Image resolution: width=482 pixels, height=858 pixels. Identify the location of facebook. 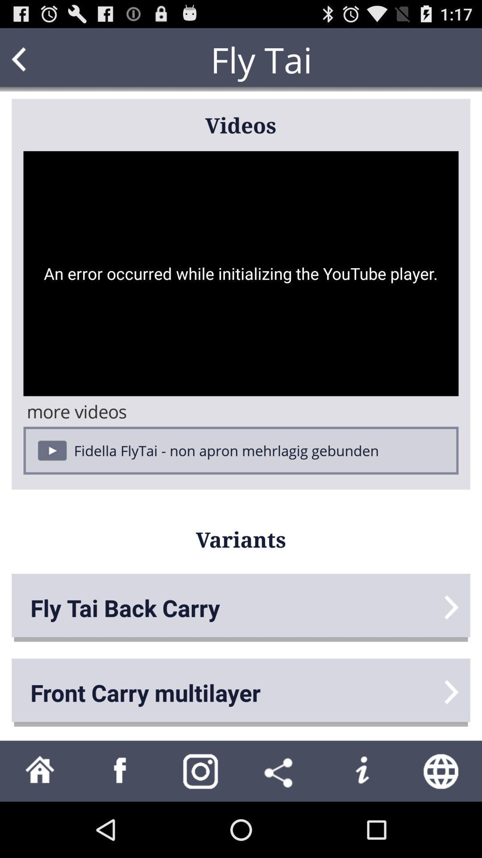
(120, 770).